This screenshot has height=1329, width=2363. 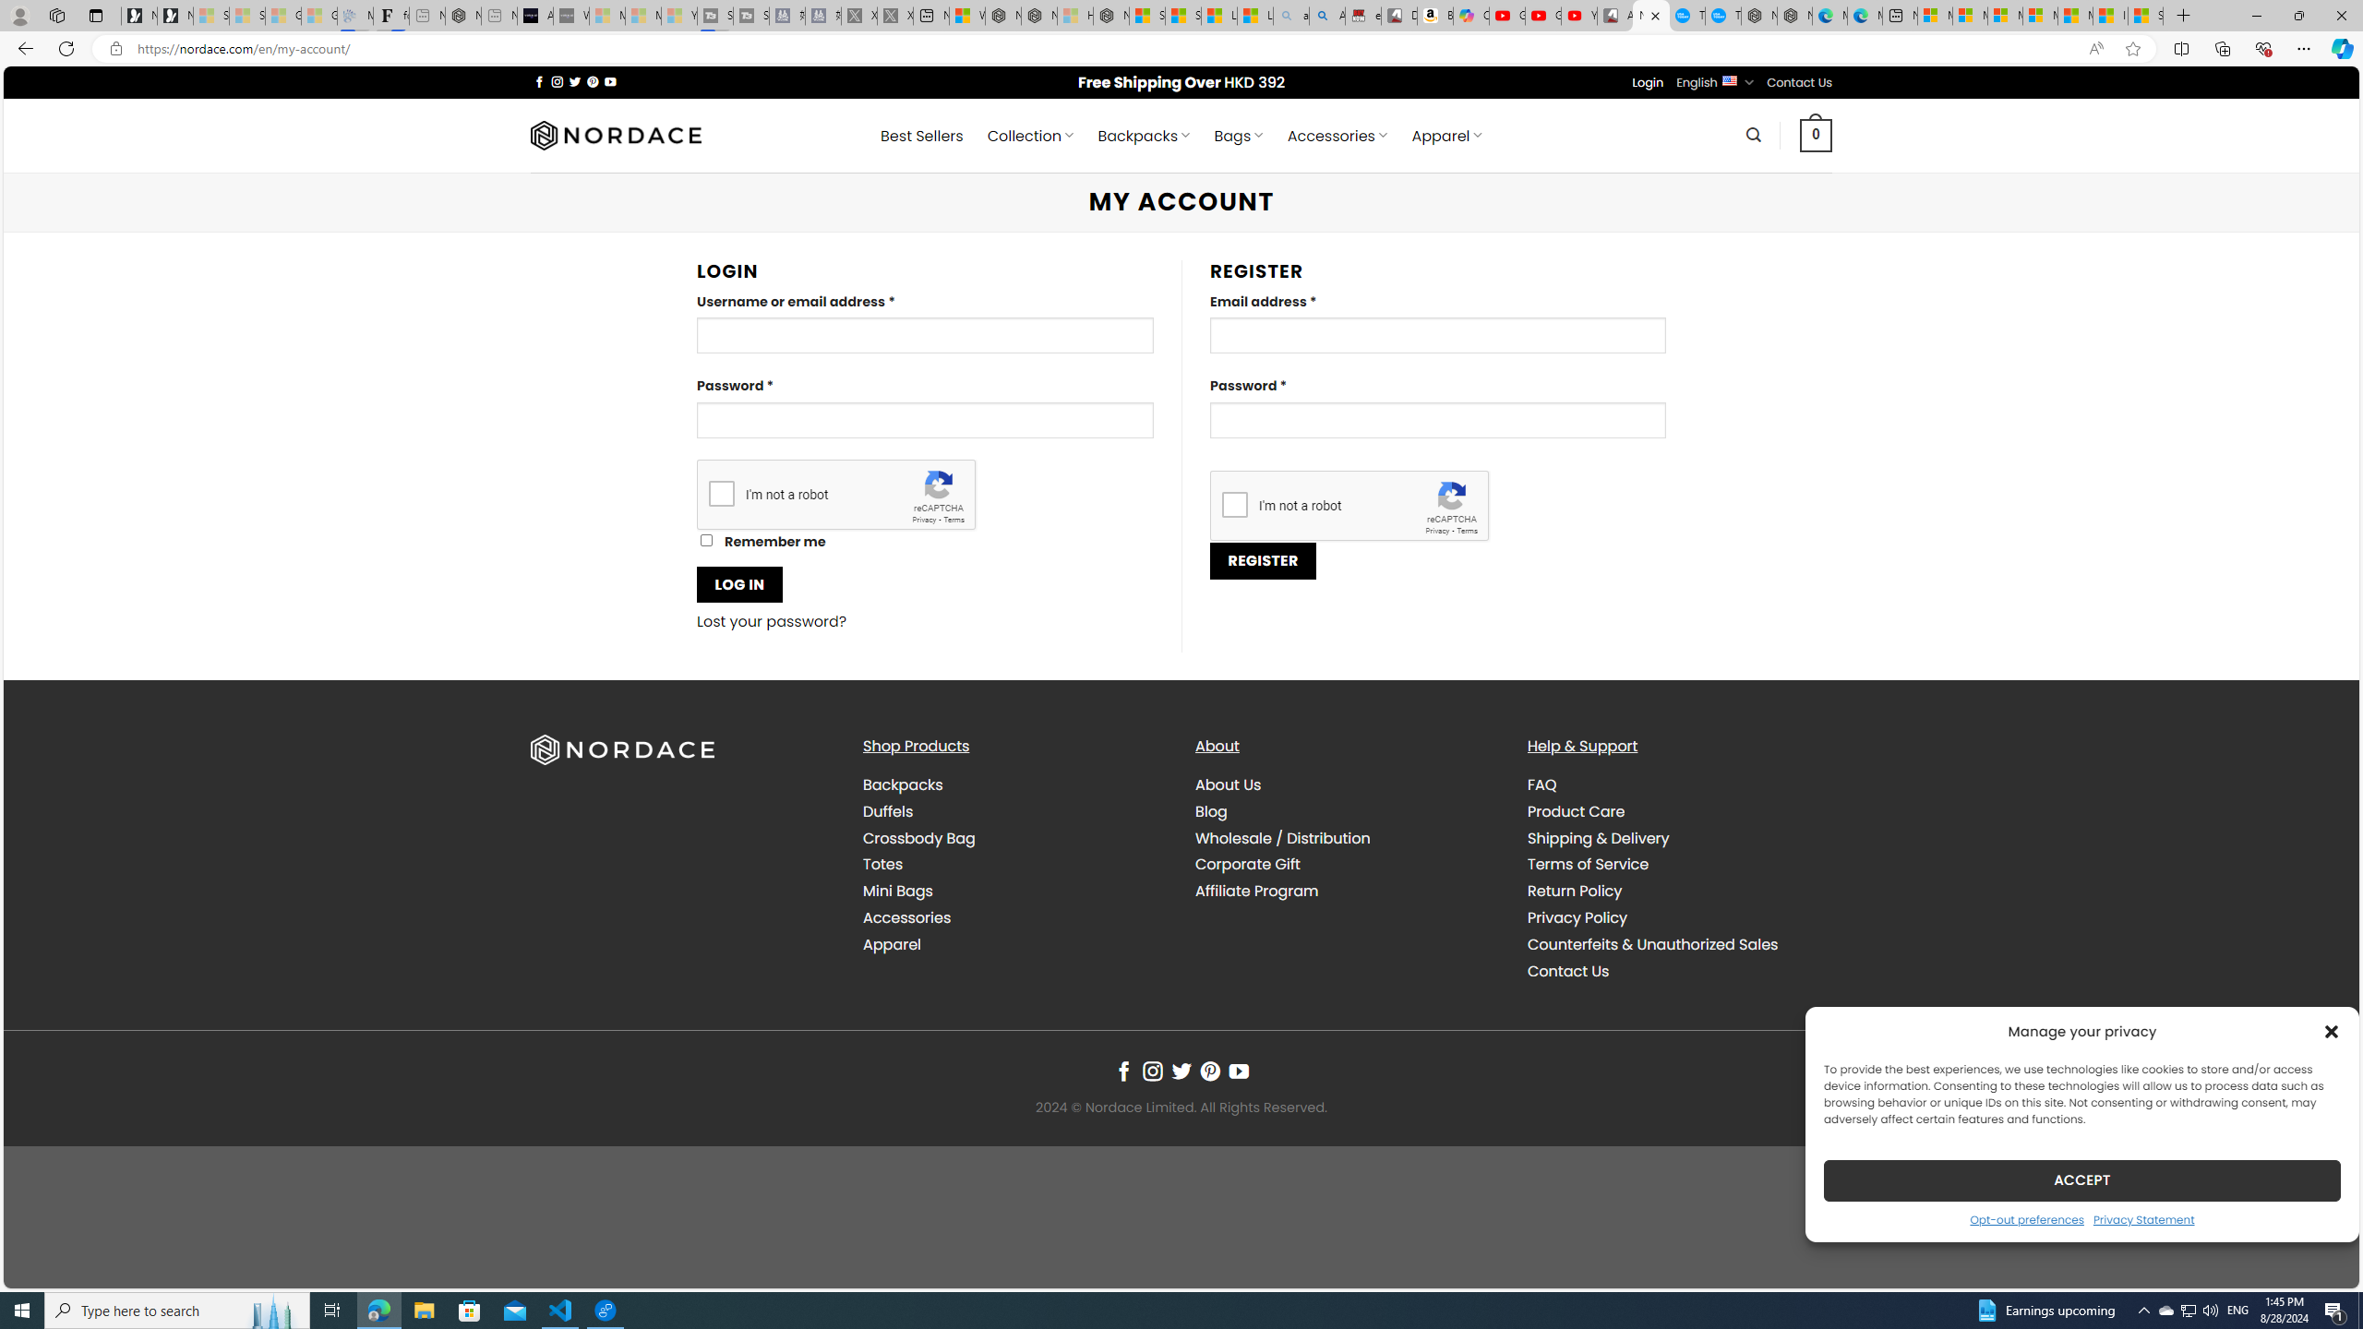 What do you see at coordinates (738, 583) in the screenshot?
I see `'LOG IN'` at bounding box center [738, 583].